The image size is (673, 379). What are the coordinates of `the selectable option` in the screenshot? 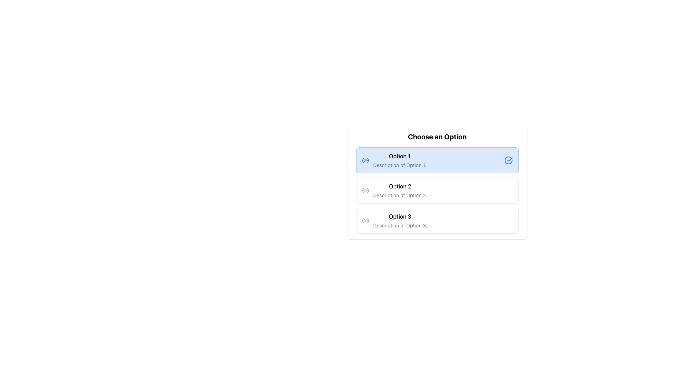 It's located at (437, 220).